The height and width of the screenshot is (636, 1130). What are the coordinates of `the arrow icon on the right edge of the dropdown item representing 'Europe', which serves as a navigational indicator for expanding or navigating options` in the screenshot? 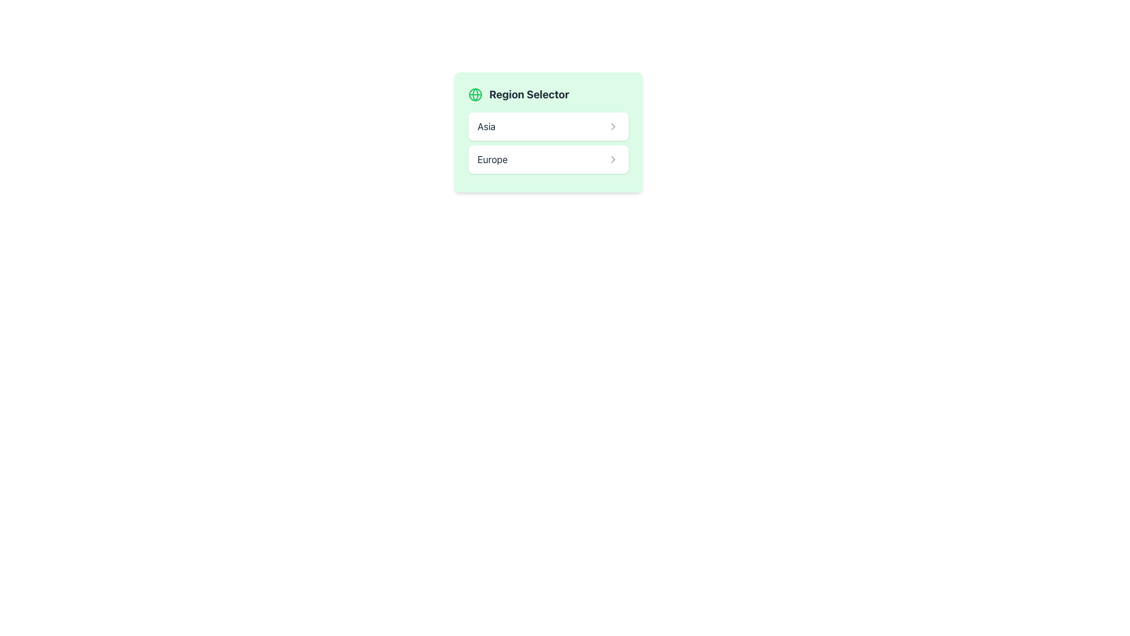 It's located at (612, 127).